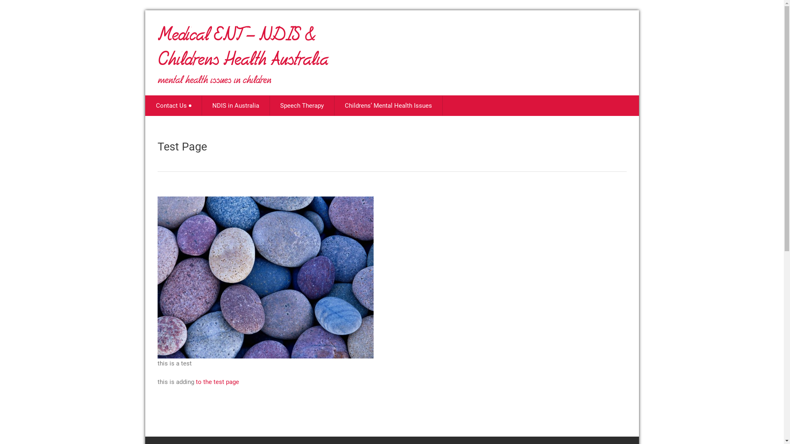 The height and width of the screenshot is (444, 790). I want to click on 'to the test page', so click(217, 382).